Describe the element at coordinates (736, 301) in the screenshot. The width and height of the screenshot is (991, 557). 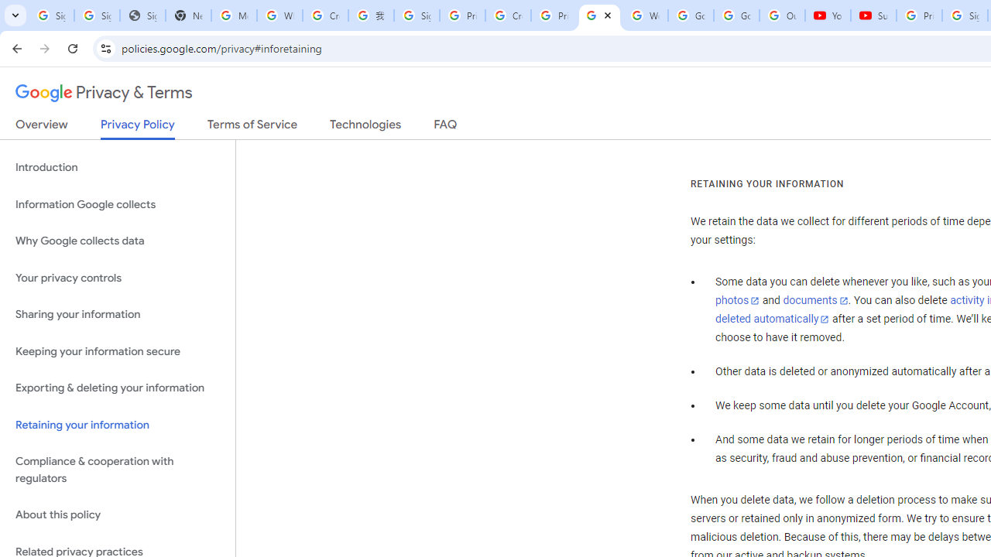
I see `'photos'` at that location.